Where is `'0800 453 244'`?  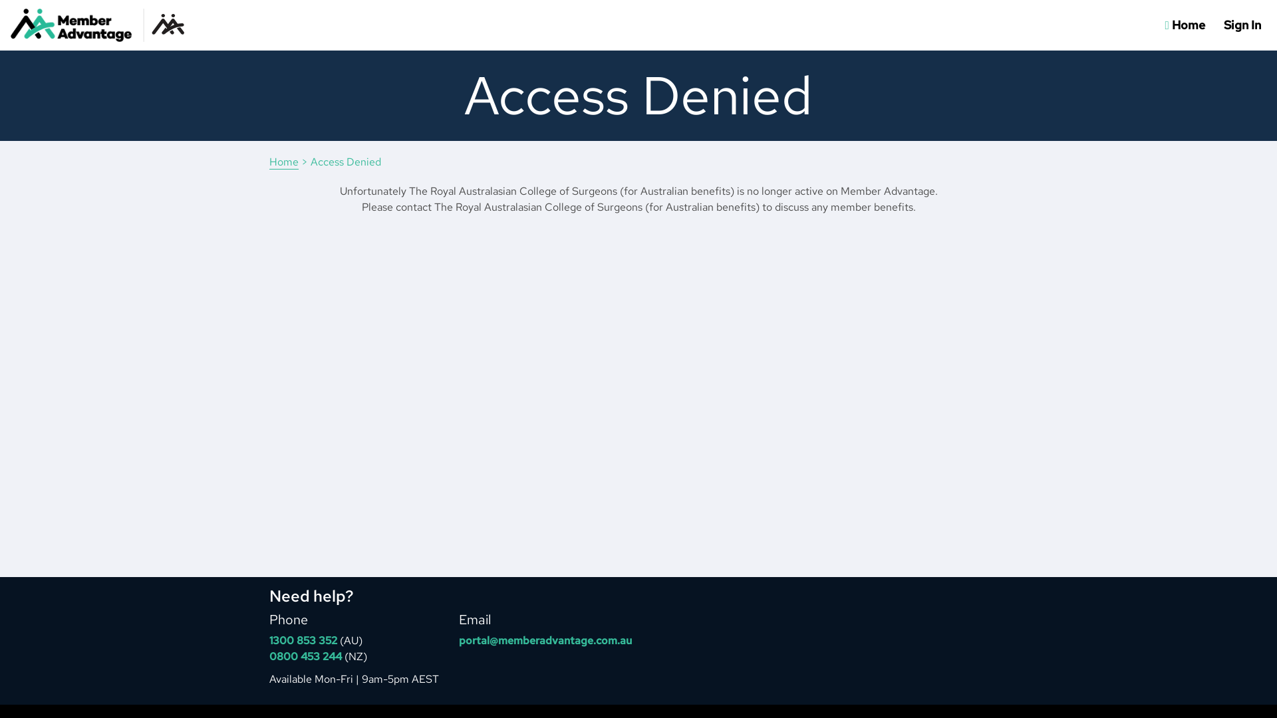 '0800 453 244' is located at coordinates (268, 656).